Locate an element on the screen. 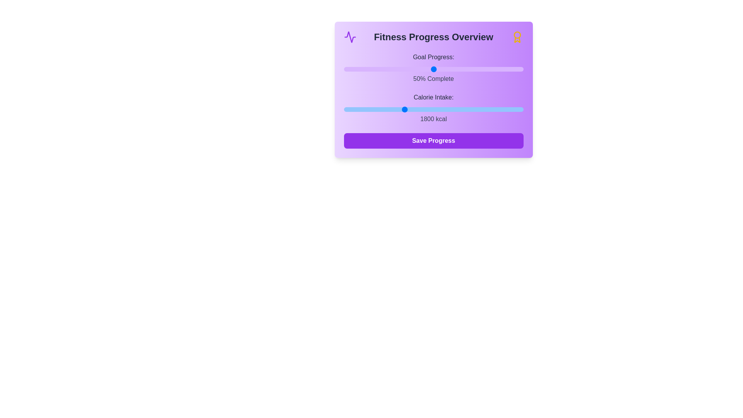  text content of the bold header displaying 'Fitness Progress Overview', which is centrally positioned at the top of the fitness tracking interface is located at coordinates (433, 37).